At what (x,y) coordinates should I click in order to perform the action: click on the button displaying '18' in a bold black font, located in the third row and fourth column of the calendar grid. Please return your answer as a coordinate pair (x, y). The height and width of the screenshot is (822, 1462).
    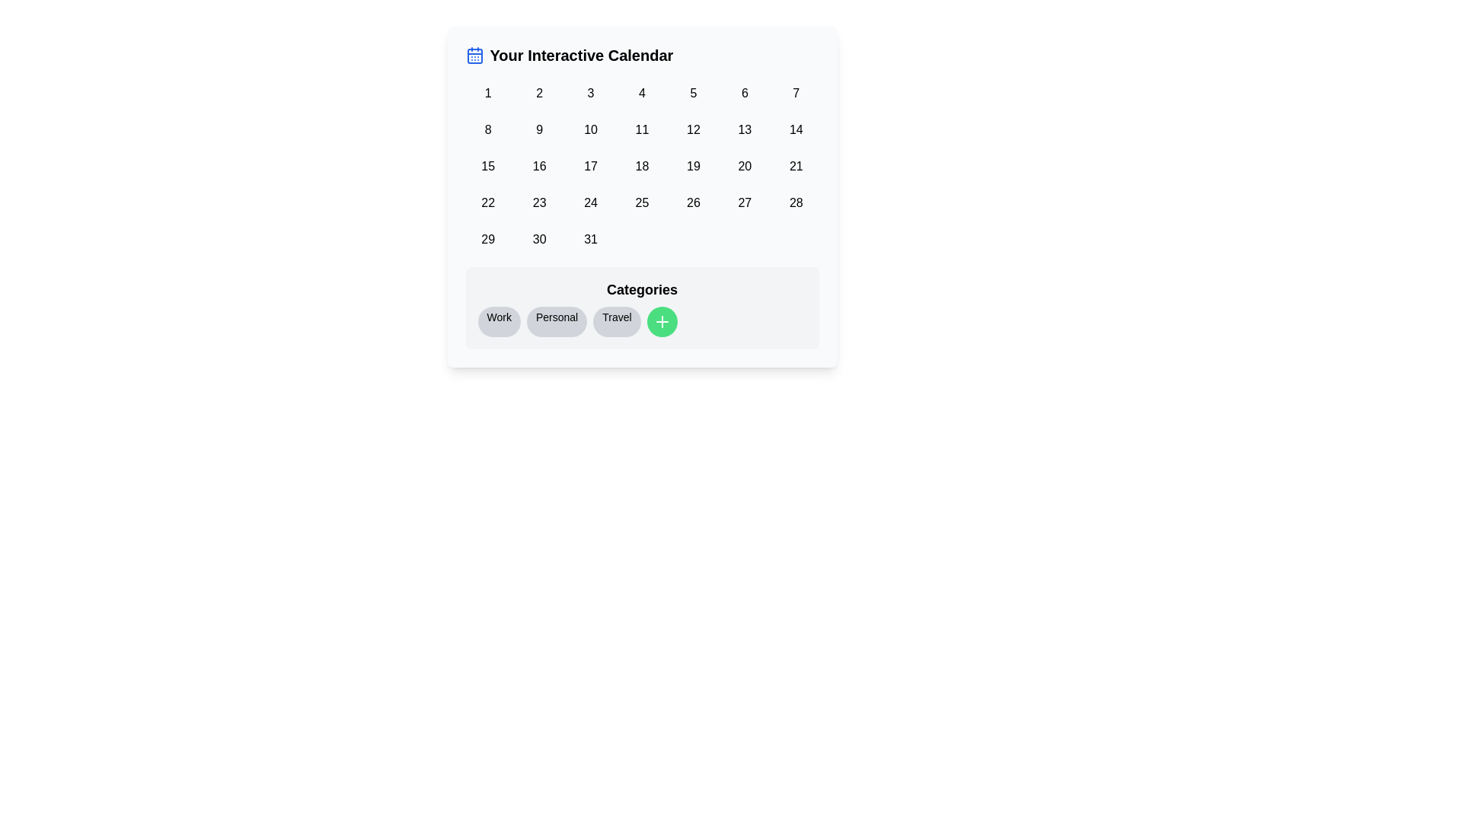
    Looking at the image, I should click on (642, 167).